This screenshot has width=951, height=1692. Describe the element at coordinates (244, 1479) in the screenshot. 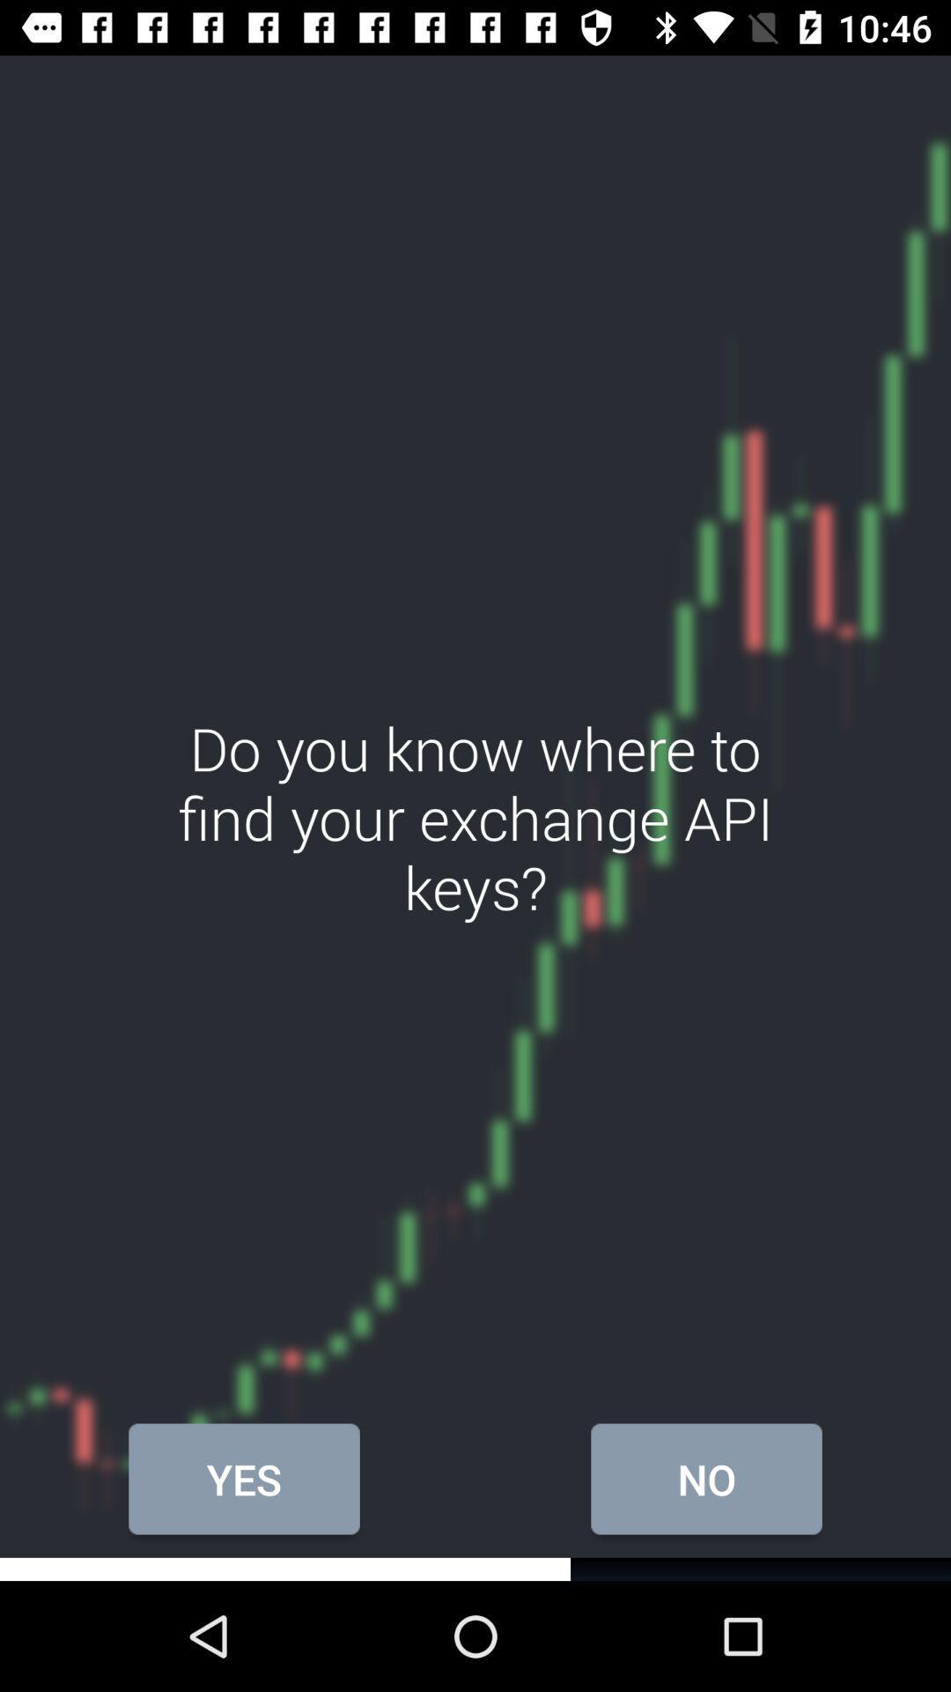

I see `item below the do you know icon` at that location.